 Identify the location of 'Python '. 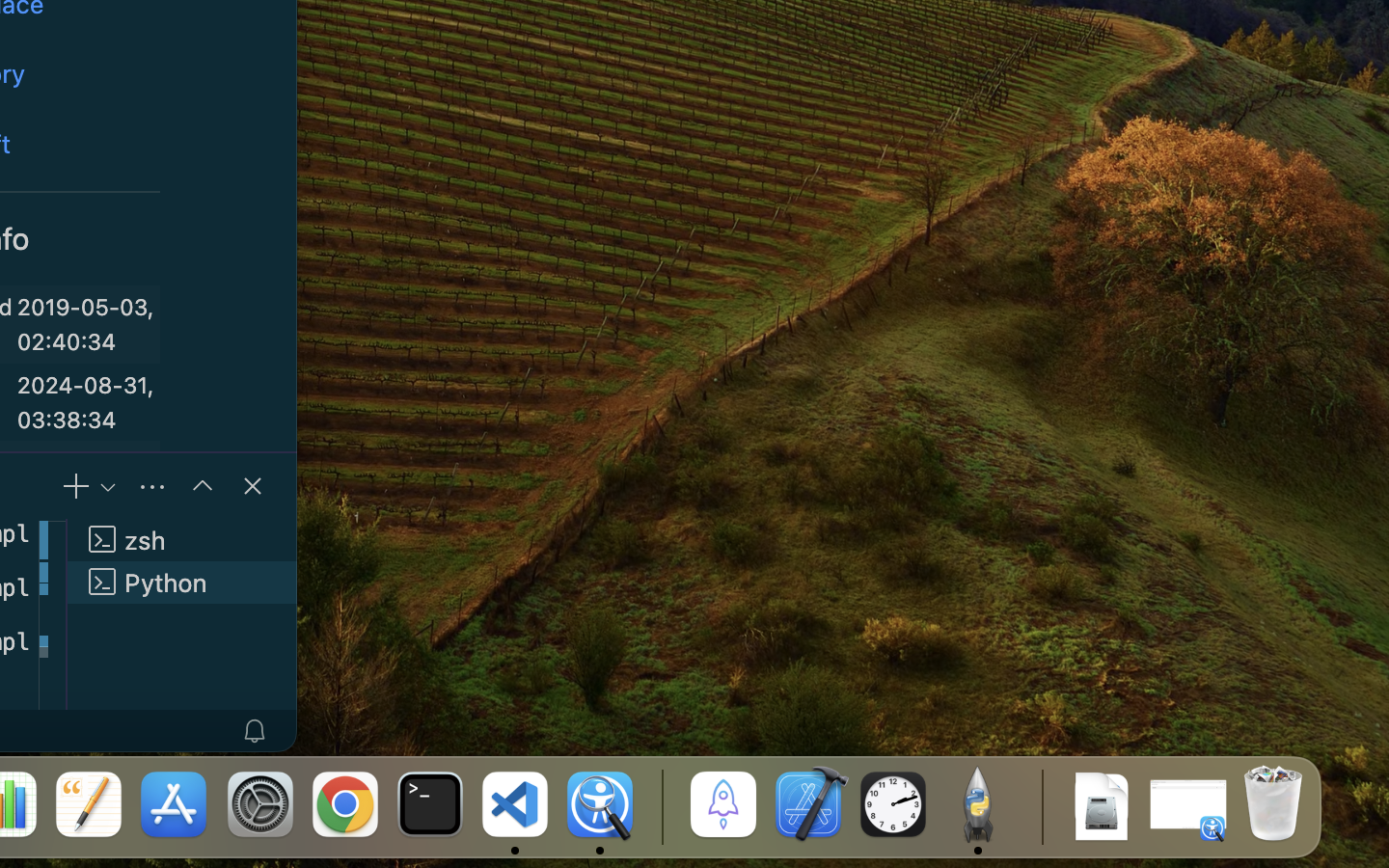
(182, 582).